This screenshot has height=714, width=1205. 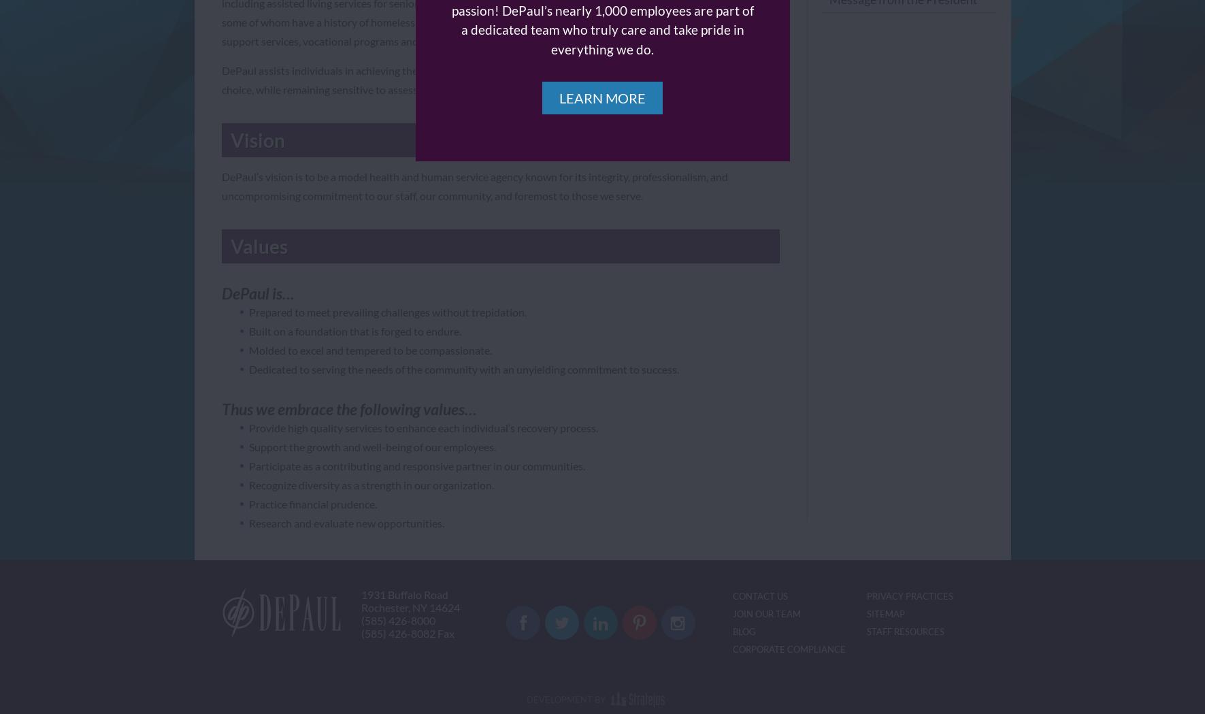 What do you see at coordinates (406, 632) in the screenshot?
I see `'(585) 426-8082 Fax'` at bounding box center [406, 632].